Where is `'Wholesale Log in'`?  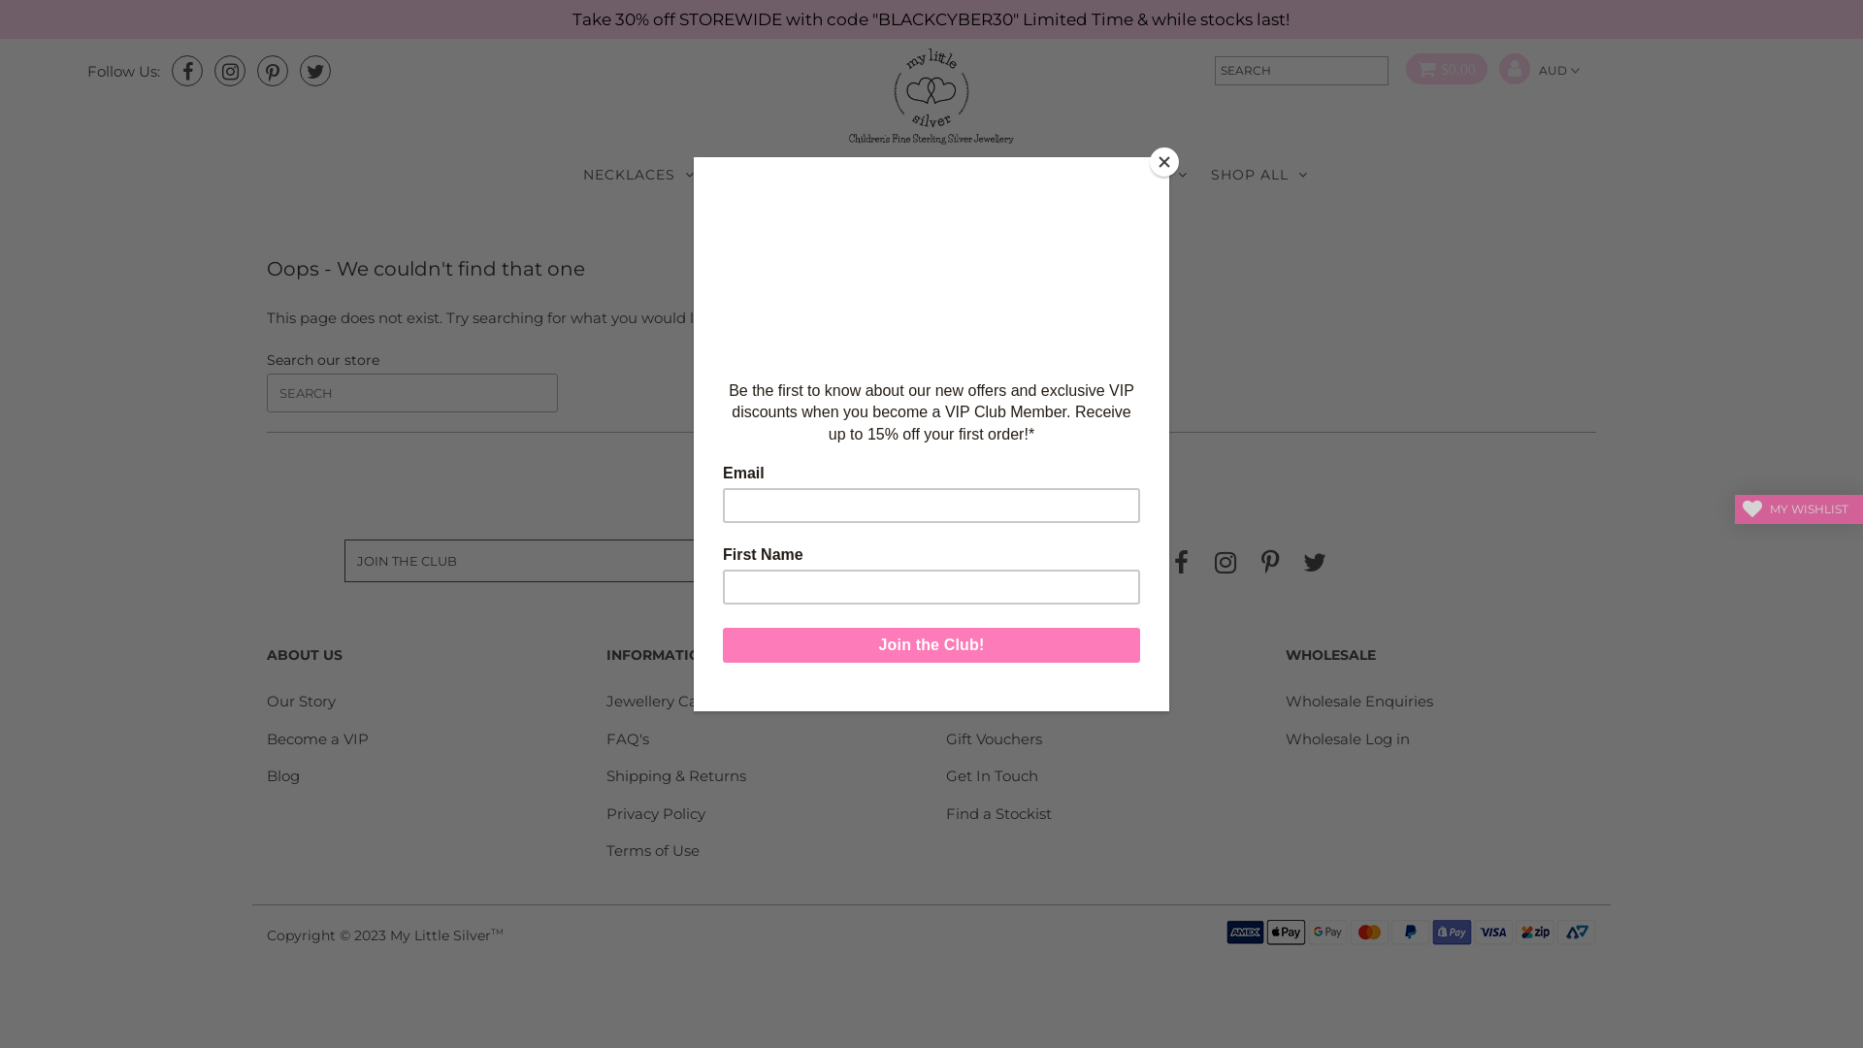
'Wholesale Log in' is located at coordinates (1346, 738).